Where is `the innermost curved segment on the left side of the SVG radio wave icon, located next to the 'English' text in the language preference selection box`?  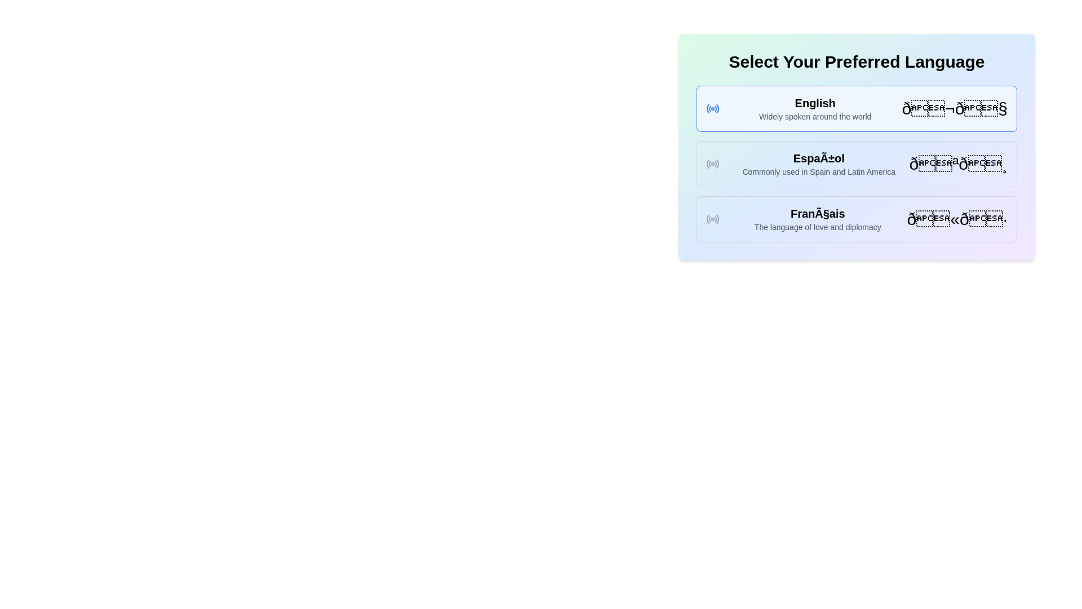 the innermost curved segment on the left side of the SVG radio wave icon, located next to the 'English' text in the language preference selection box is located at coordinates (707, 108).